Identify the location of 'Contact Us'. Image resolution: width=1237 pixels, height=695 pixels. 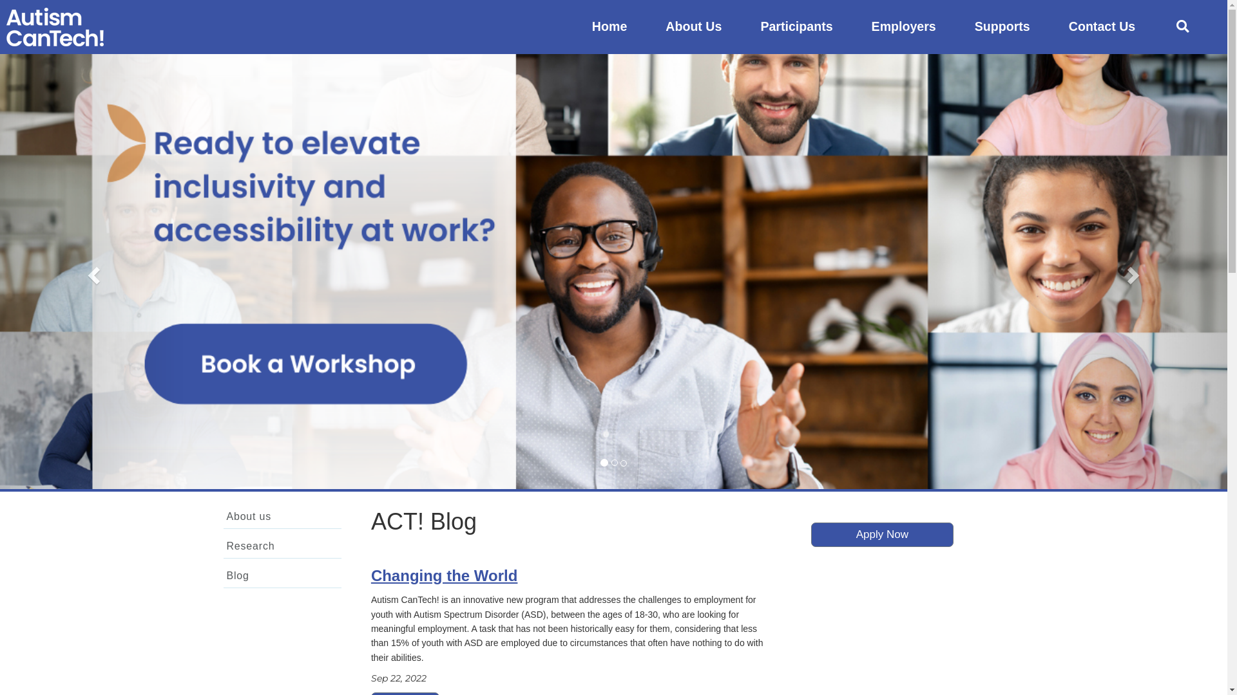
(1101, 27).